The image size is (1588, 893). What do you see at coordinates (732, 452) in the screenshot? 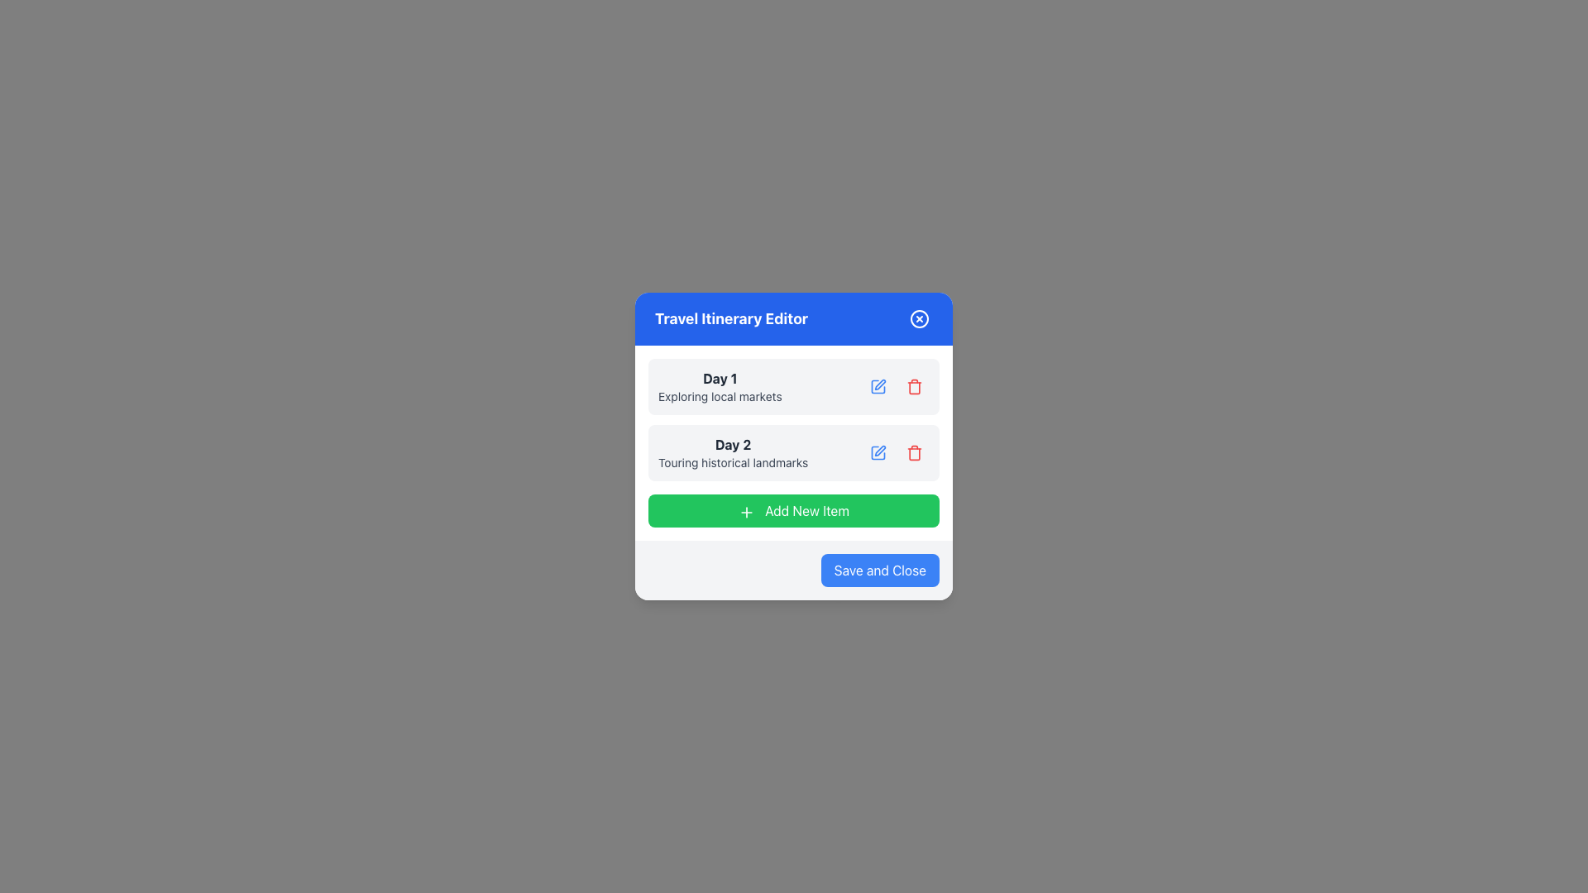
I see `the second itinerary entry label under 'Travel Itinerary Editor', which provides the day number and activity description, located between 'Day 1' and the '+ Add New Item' button` at bounding box center [732, 452].